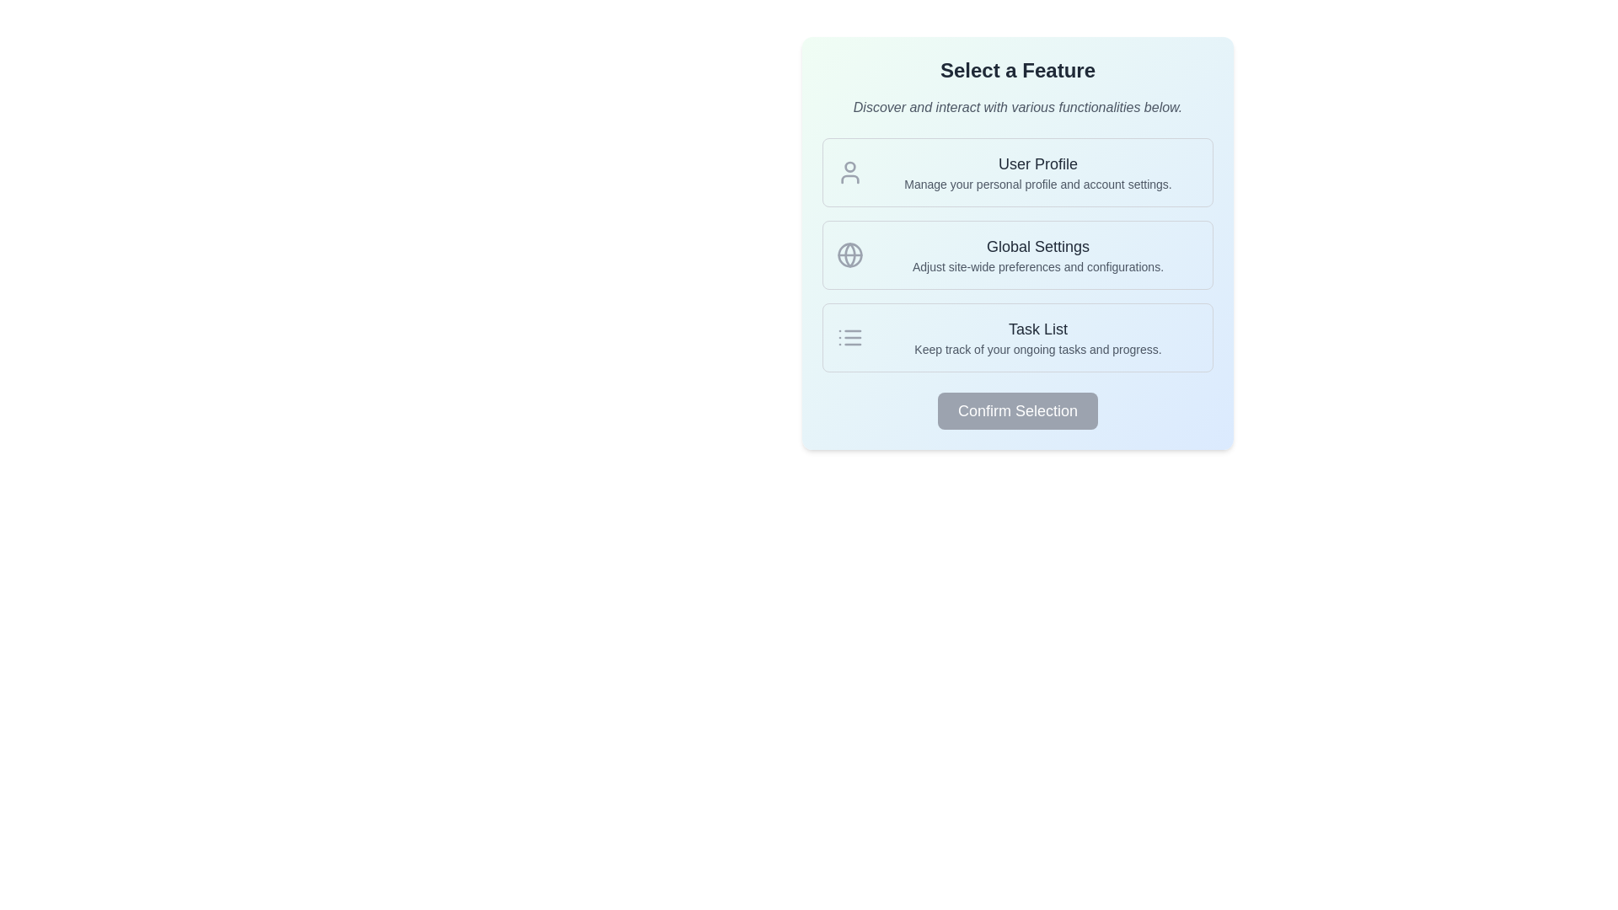 The image size is (1618, 910). What do you see at coordinates (1037, 329) in the screenshot?
I see `the 'Task List' text label element, which is displayed in bold within the third rectangular card of the interface` at bounding box center [1037, 329].